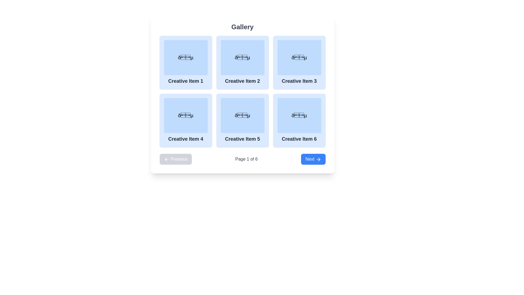 This screenshot has height=295, width=524. I want to click on text content of the label displaying 'Creative Item 2', which is styled in bold sans-serif font and is located in the second column of the first row in a grid layout, so click(242, 81).